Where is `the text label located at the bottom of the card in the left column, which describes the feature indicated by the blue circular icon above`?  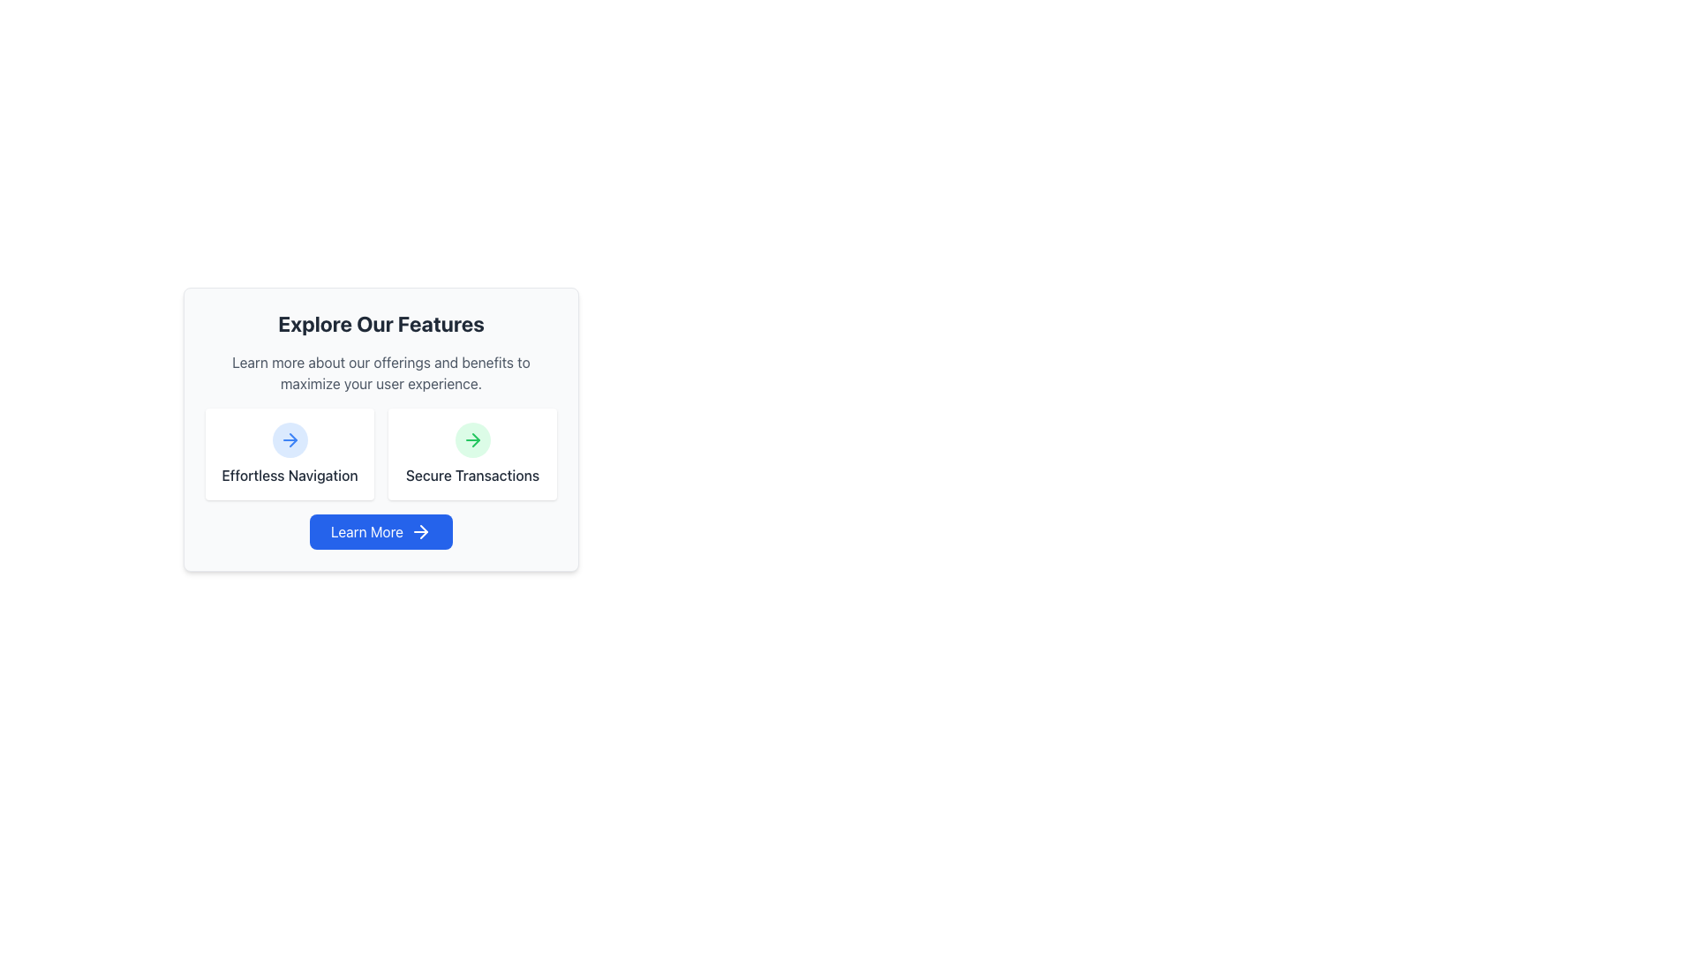
the text label located at the bottom of the card in the left column, which describes the feature indicated by the blue circular icon above is located at coordinates (290, 475).